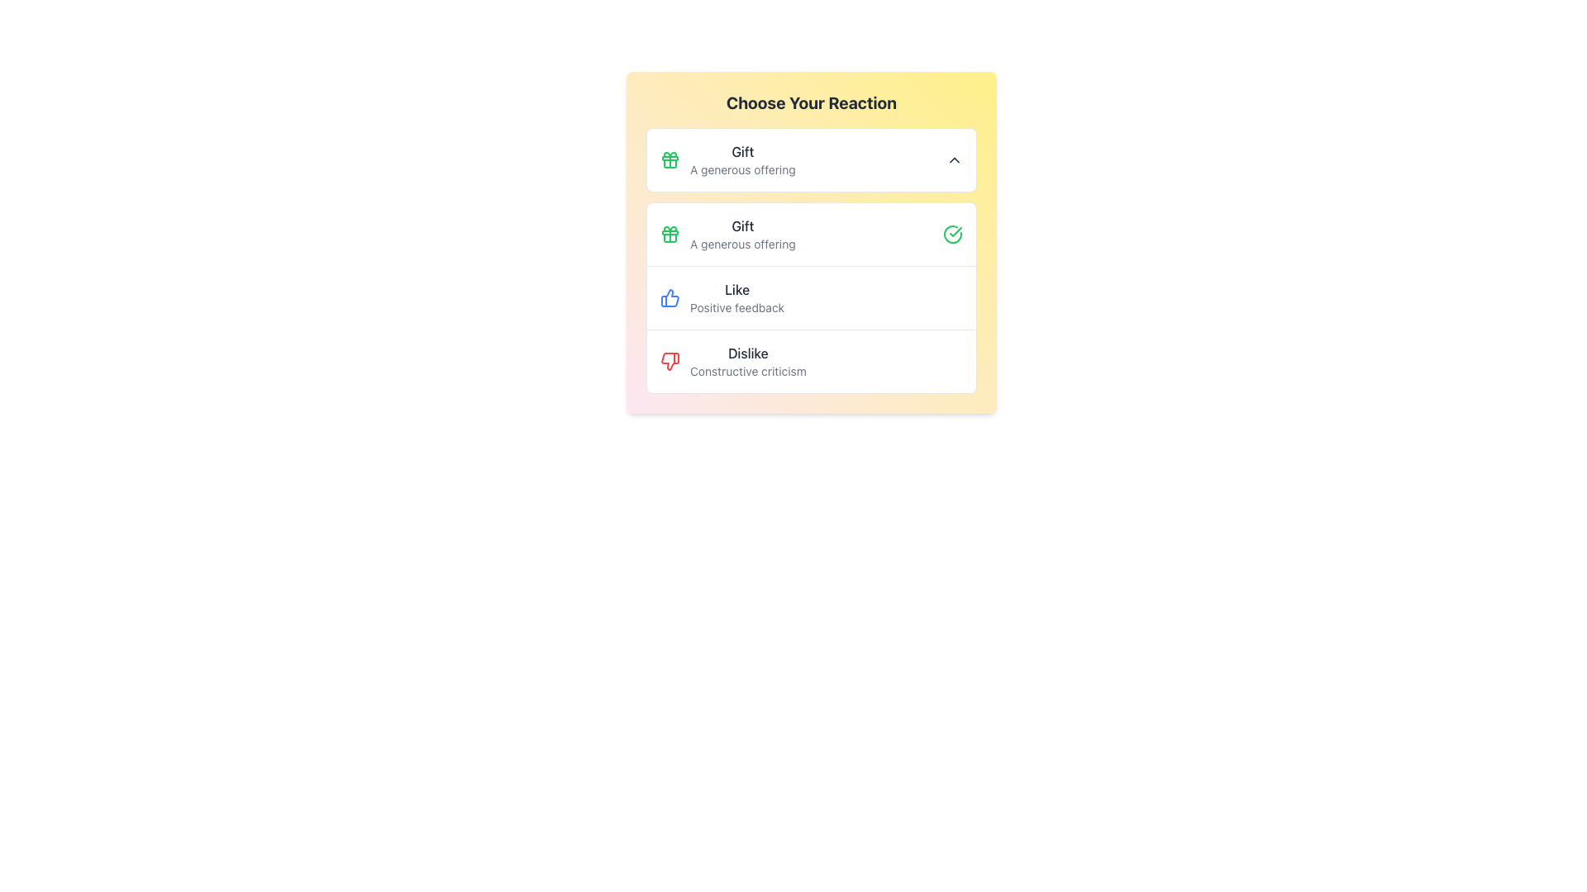 This screenshot has width=1587, height=892. I want to click on the green checkmark icon located within a circular boundary, which signifies approval or confirmation, so click(956, 232).